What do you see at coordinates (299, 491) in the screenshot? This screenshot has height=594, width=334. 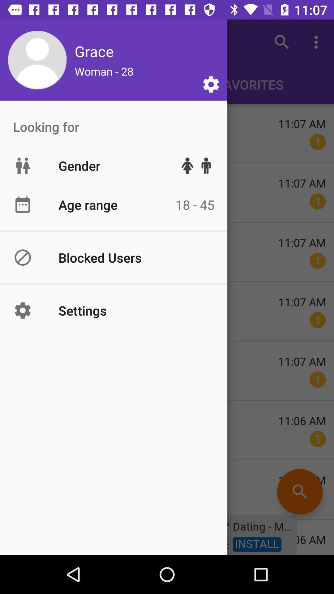 I see `the search icon` at bounding box center [299, 491].